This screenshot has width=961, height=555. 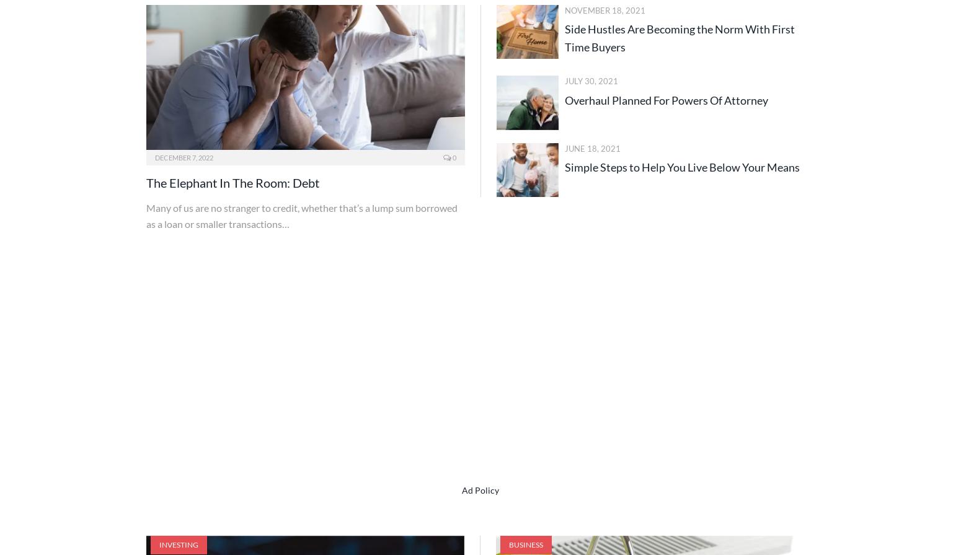 What do you see at coordinates (480, 489) in the screenshot?
I see `'Ad Policy'` at bounding box center [480, 489].